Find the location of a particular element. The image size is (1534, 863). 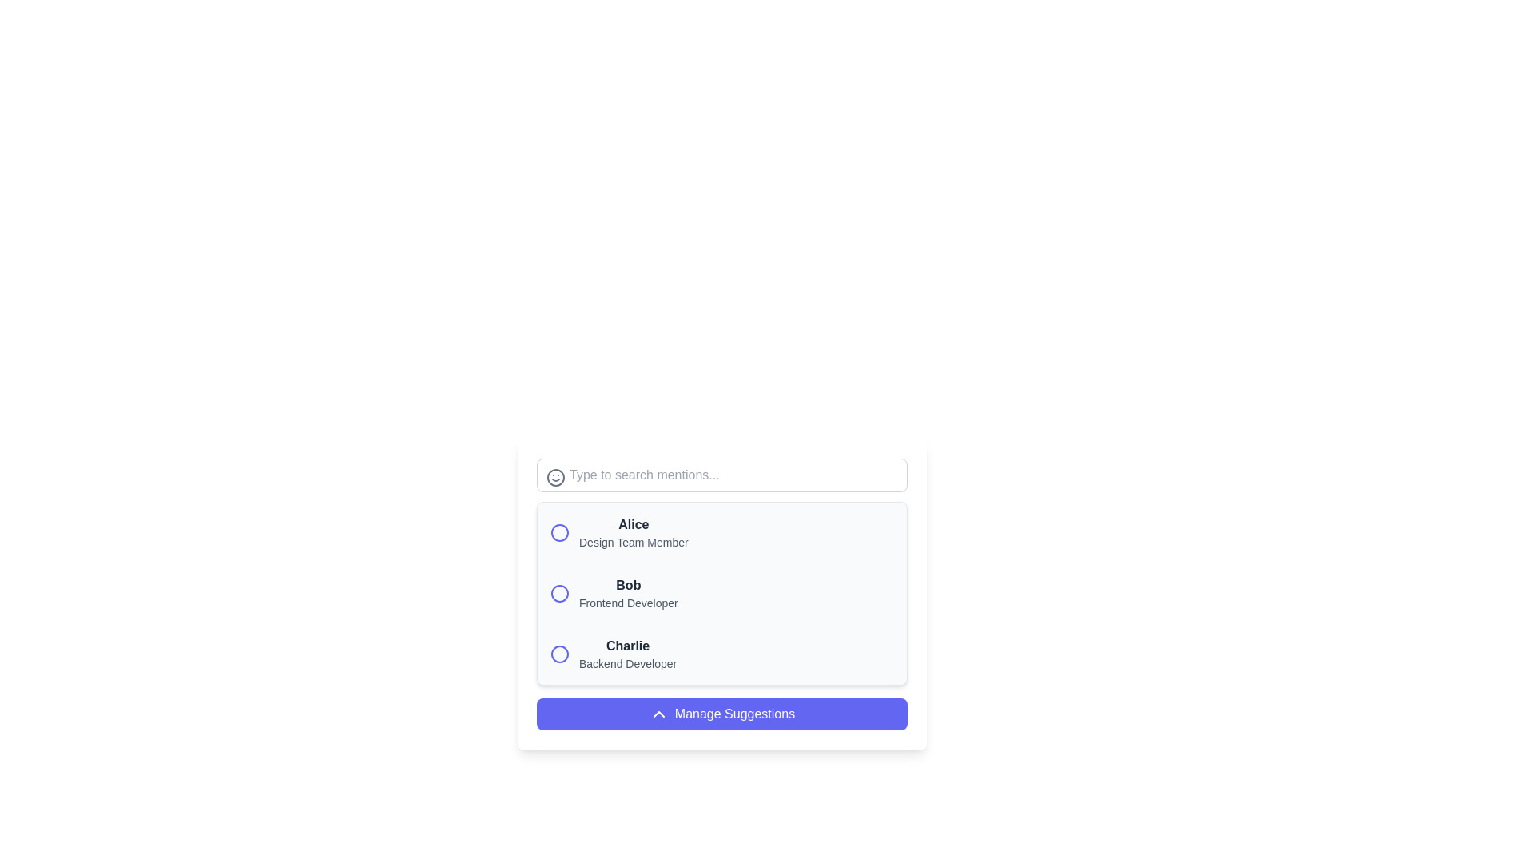

the SVG graphical element (circle) that represents user 'Charlie,' located next to the text block labeled 'Charlie, Backend Developer' in the list is located at coordinates (559, 654).